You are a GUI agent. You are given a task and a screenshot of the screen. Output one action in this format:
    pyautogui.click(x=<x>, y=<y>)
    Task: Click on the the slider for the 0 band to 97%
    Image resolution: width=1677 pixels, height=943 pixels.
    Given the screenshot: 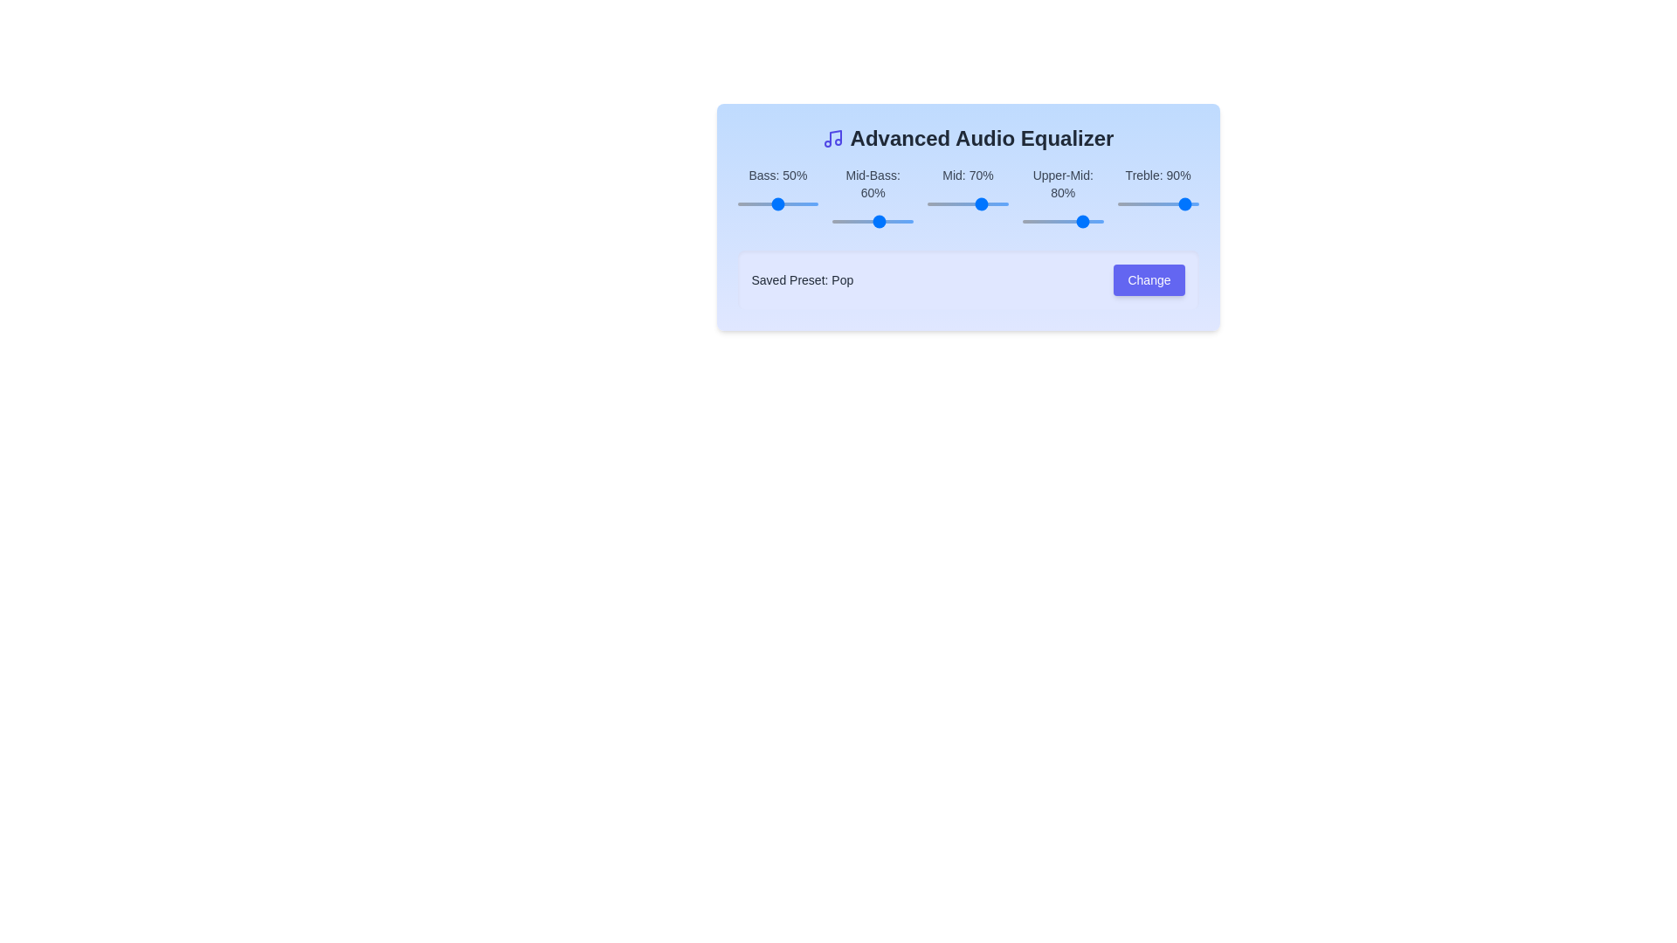 What is the action you would take?
    pyautogui.click(x=862, y=203)
    